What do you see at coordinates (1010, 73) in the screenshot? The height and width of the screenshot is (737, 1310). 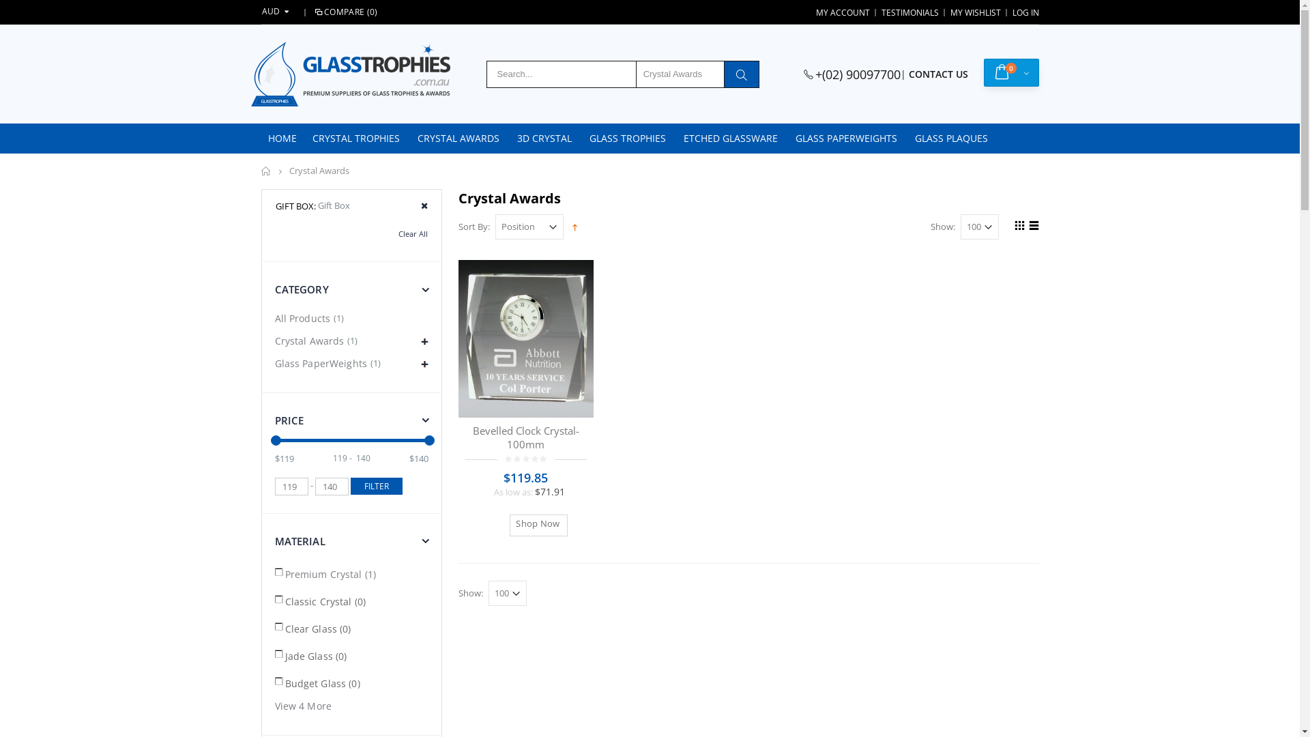 I see `'0'` at bounding box center [1010, 73].